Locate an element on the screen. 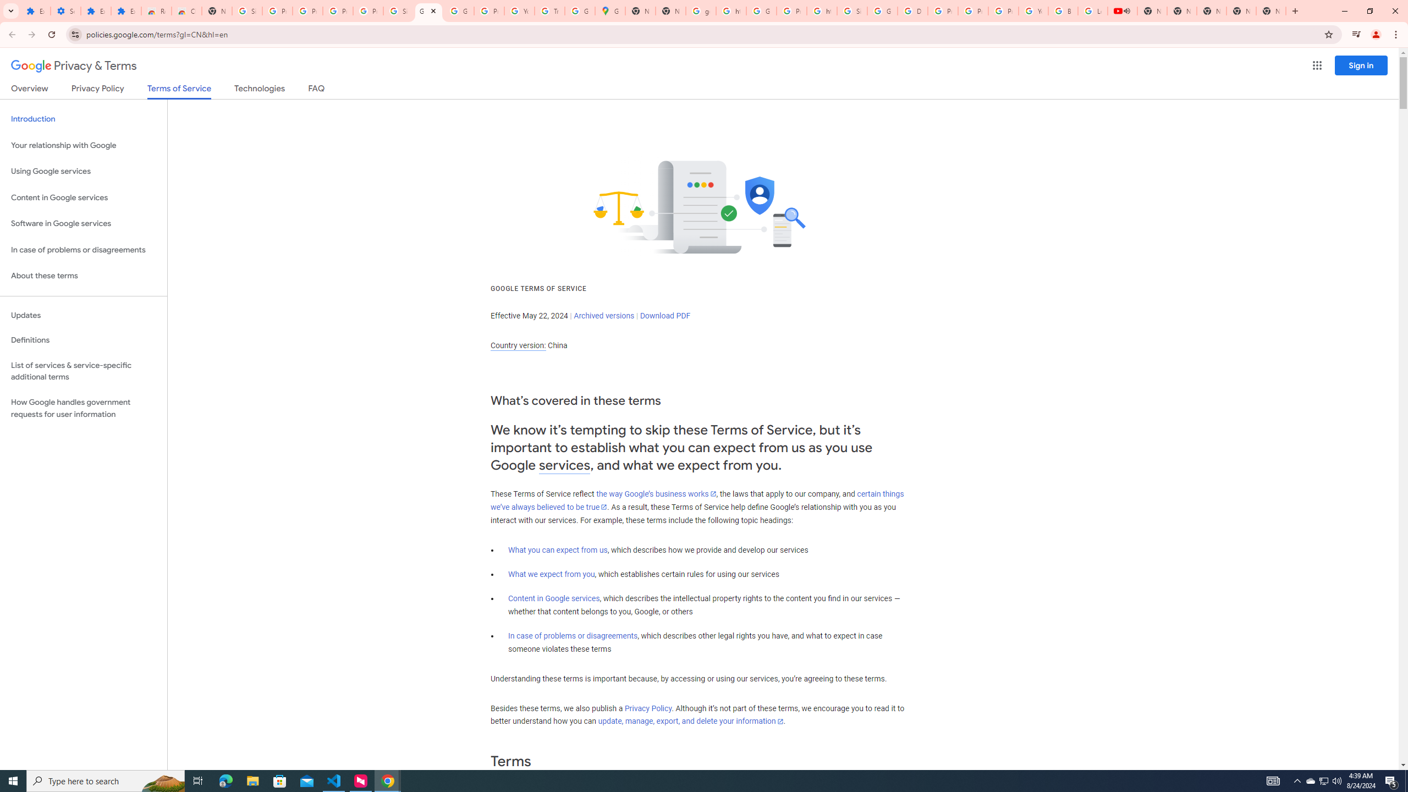  'Extensions' is located at coordinates (96, 10).